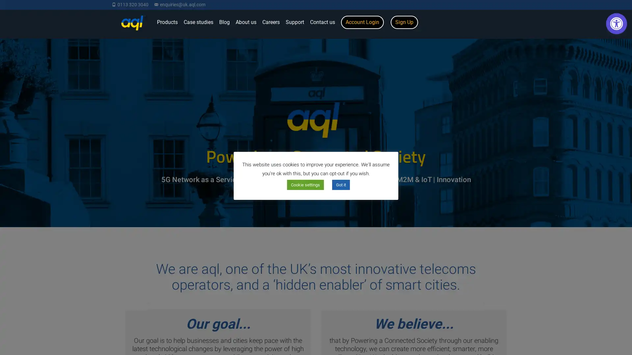 The width and height of the screenshot is (632, 355). Describe the element at coordinates (341, 185) in the screenshot. I see `Got it` at that location.